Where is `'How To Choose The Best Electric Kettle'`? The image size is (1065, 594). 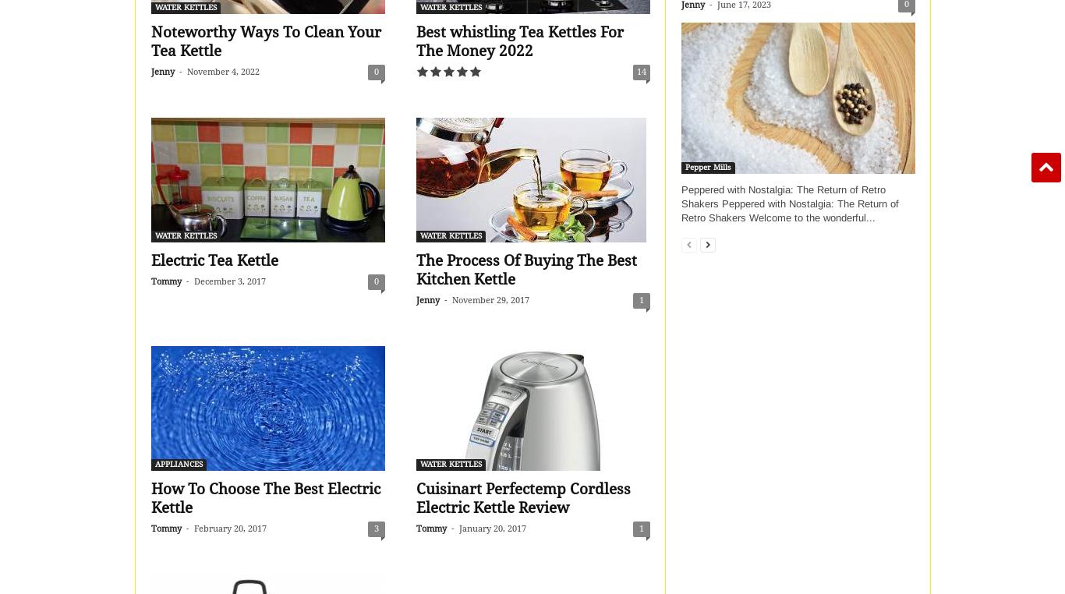
'How To Choose The Best Electric Kettle' is located at coordinates (264, 497).